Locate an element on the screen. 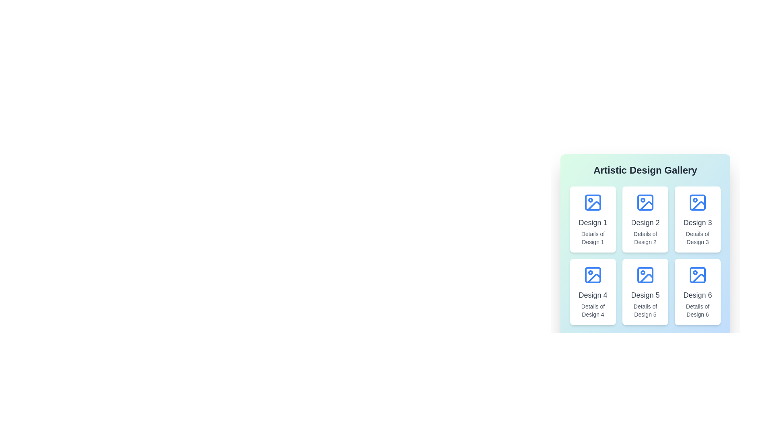  static text providing additional information about 'Design 4' located in the second row, first column of the gallery layout is located at coordinates (593, 310).